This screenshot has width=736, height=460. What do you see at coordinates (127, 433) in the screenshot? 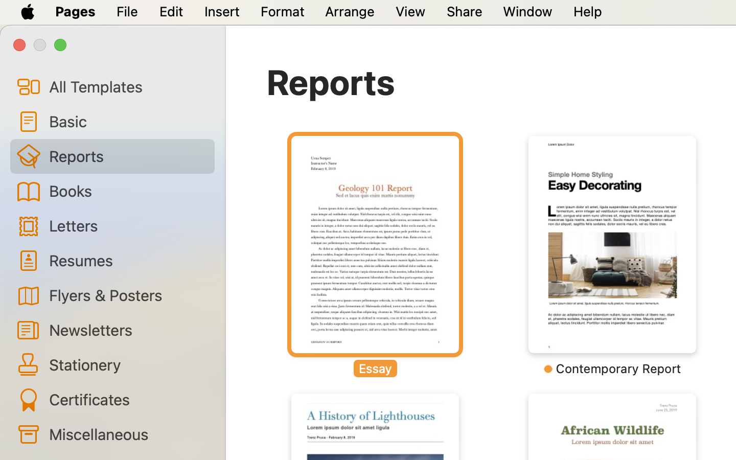
I see `'Miscellaneous'` at bounding box center [127, 433].